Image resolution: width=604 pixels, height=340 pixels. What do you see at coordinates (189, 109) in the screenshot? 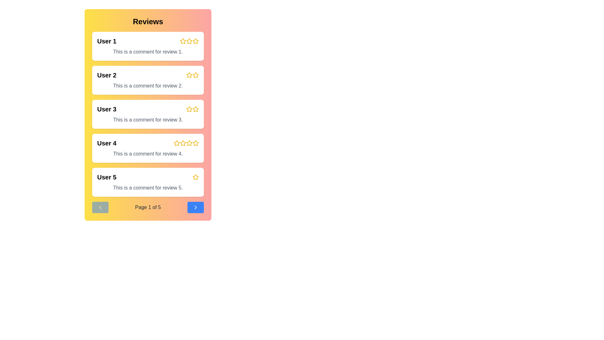
I see `the third star icon in the star rating section of 'User 3's review, which is a stylized star with a yellow outline and white fill, indicating a rating` at bounding box center [189, 109].